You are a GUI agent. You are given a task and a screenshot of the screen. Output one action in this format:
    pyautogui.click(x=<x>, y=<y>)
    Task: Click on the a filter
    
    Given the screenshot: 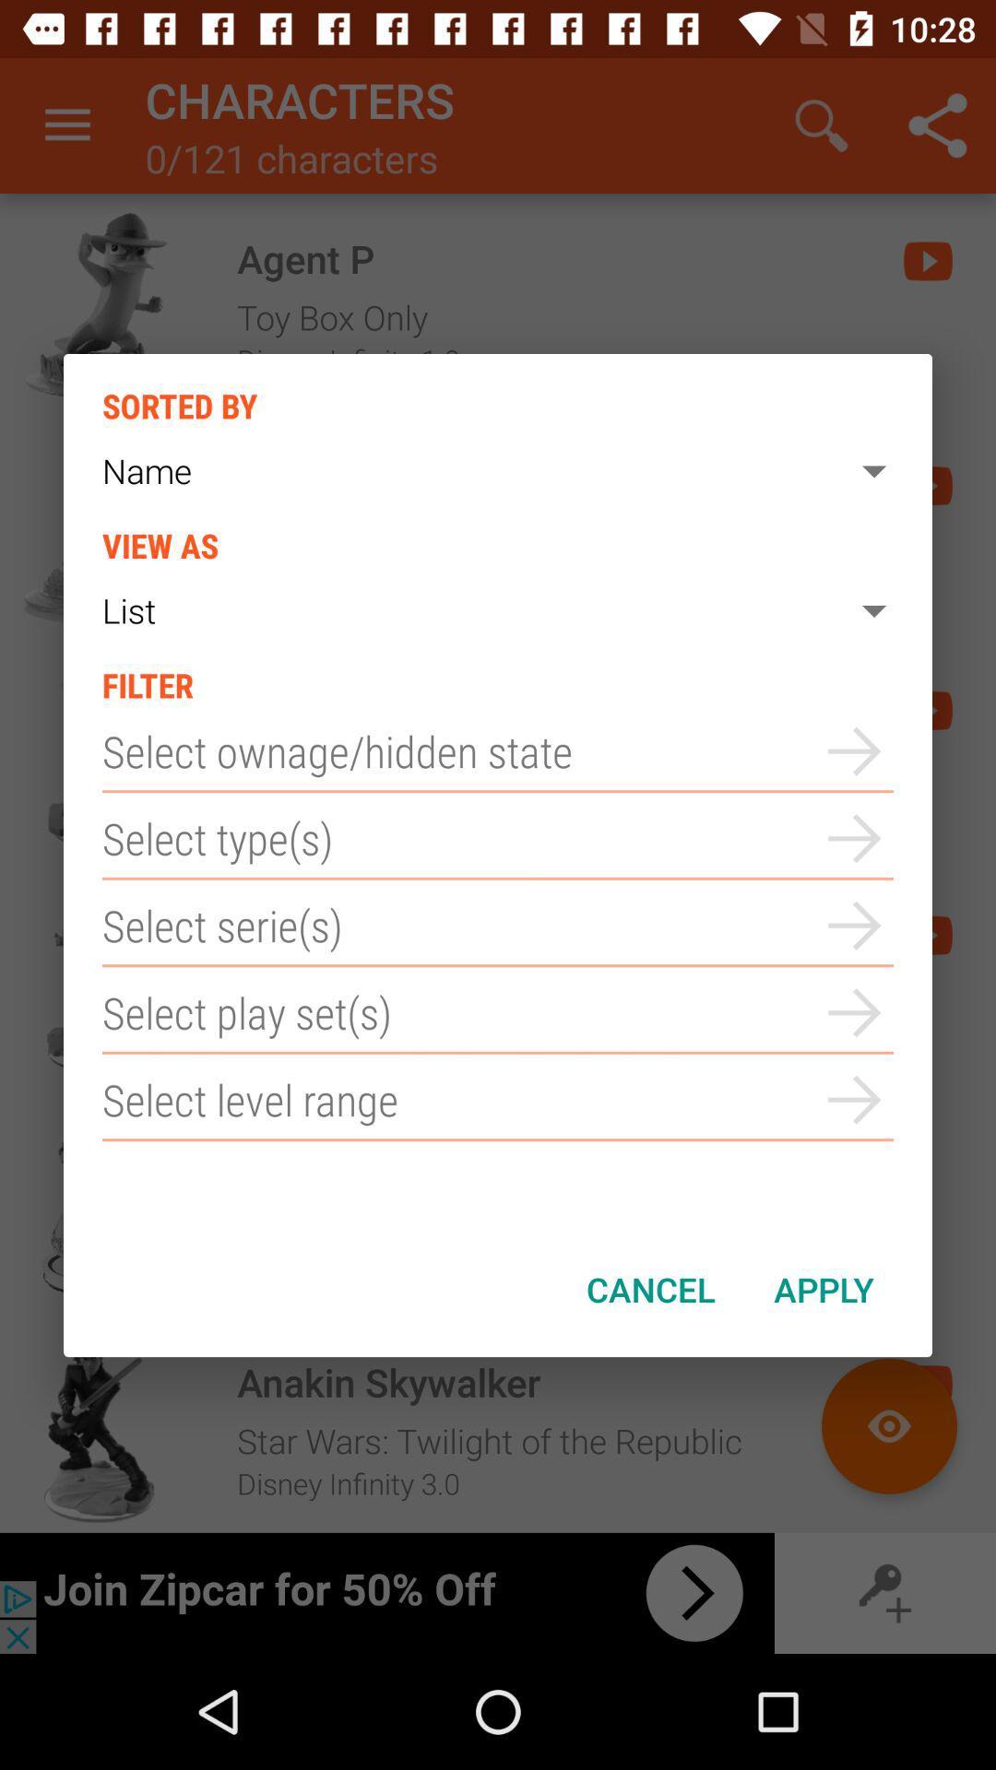 What is the action you would take?
    pyautogui.click(x=498, y=1100)
    